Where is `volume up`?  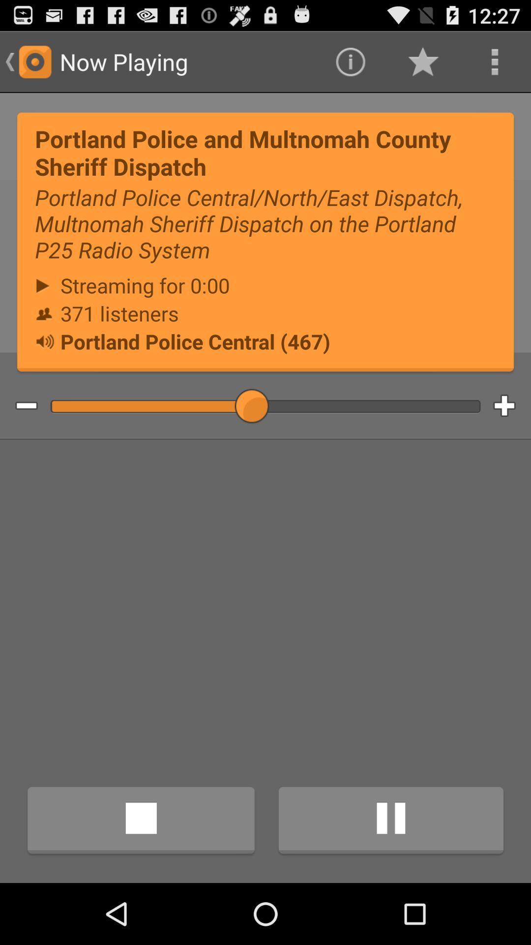 volume up is located at coordinates (511, 406).